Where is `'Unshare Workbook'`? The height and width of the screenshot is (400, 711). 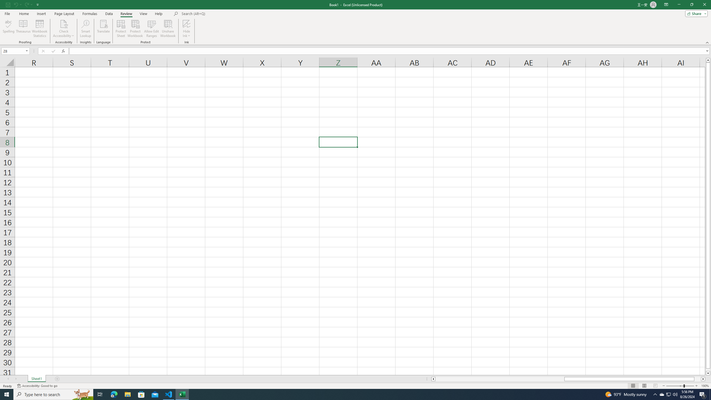
'Unshare Workbook' is located at coordinates (168, 29).